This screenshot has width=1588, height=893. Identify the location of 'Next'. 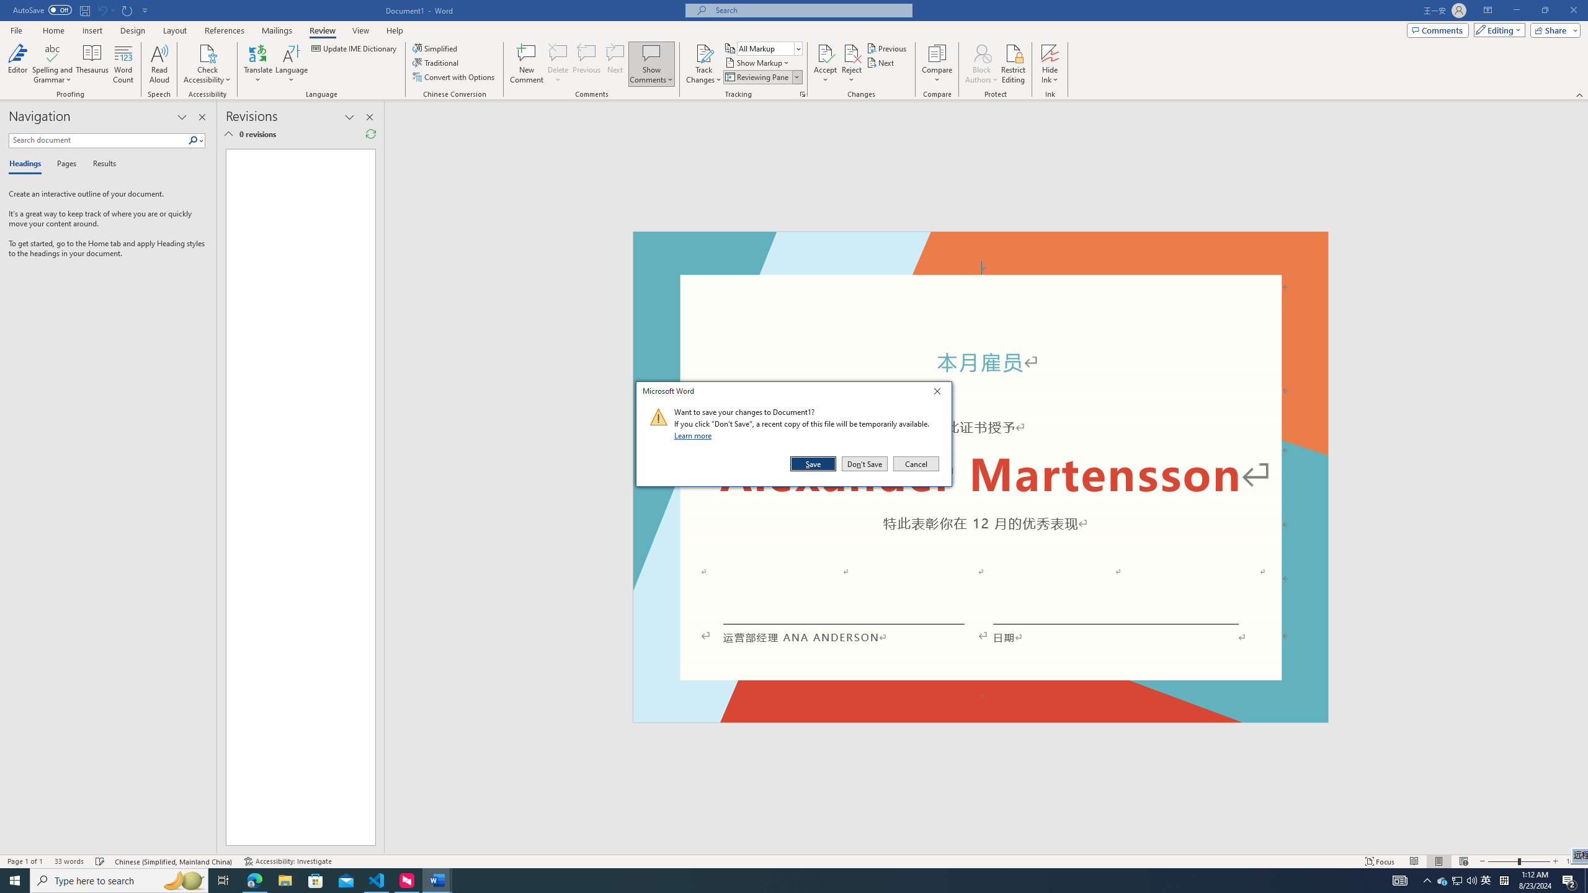
(882, 61).